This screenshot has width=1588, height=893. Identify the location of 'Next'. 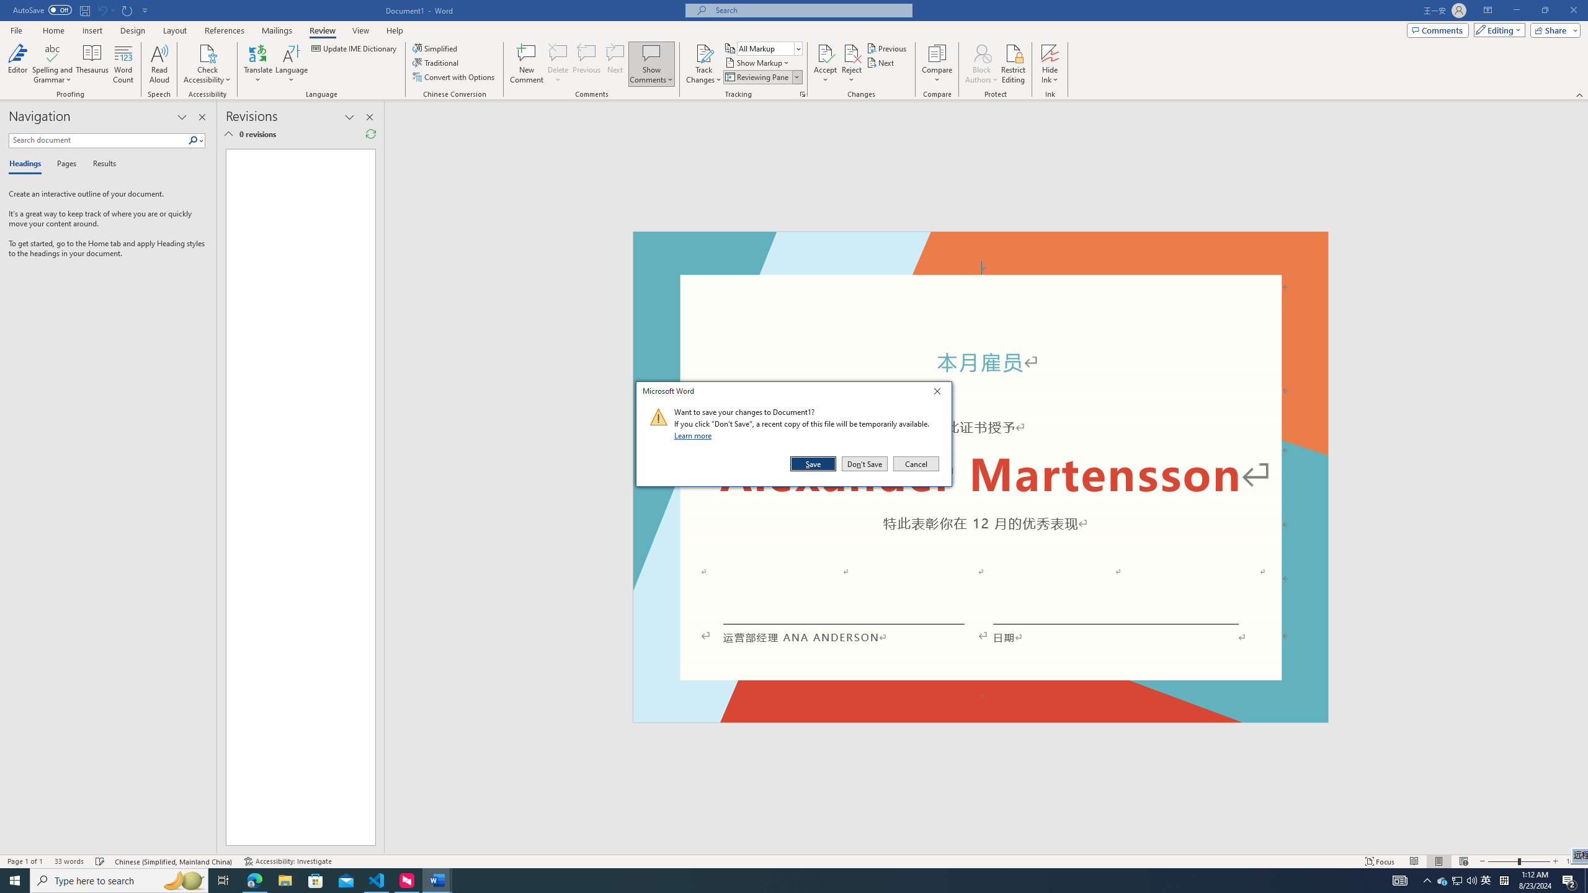
(882, 61).